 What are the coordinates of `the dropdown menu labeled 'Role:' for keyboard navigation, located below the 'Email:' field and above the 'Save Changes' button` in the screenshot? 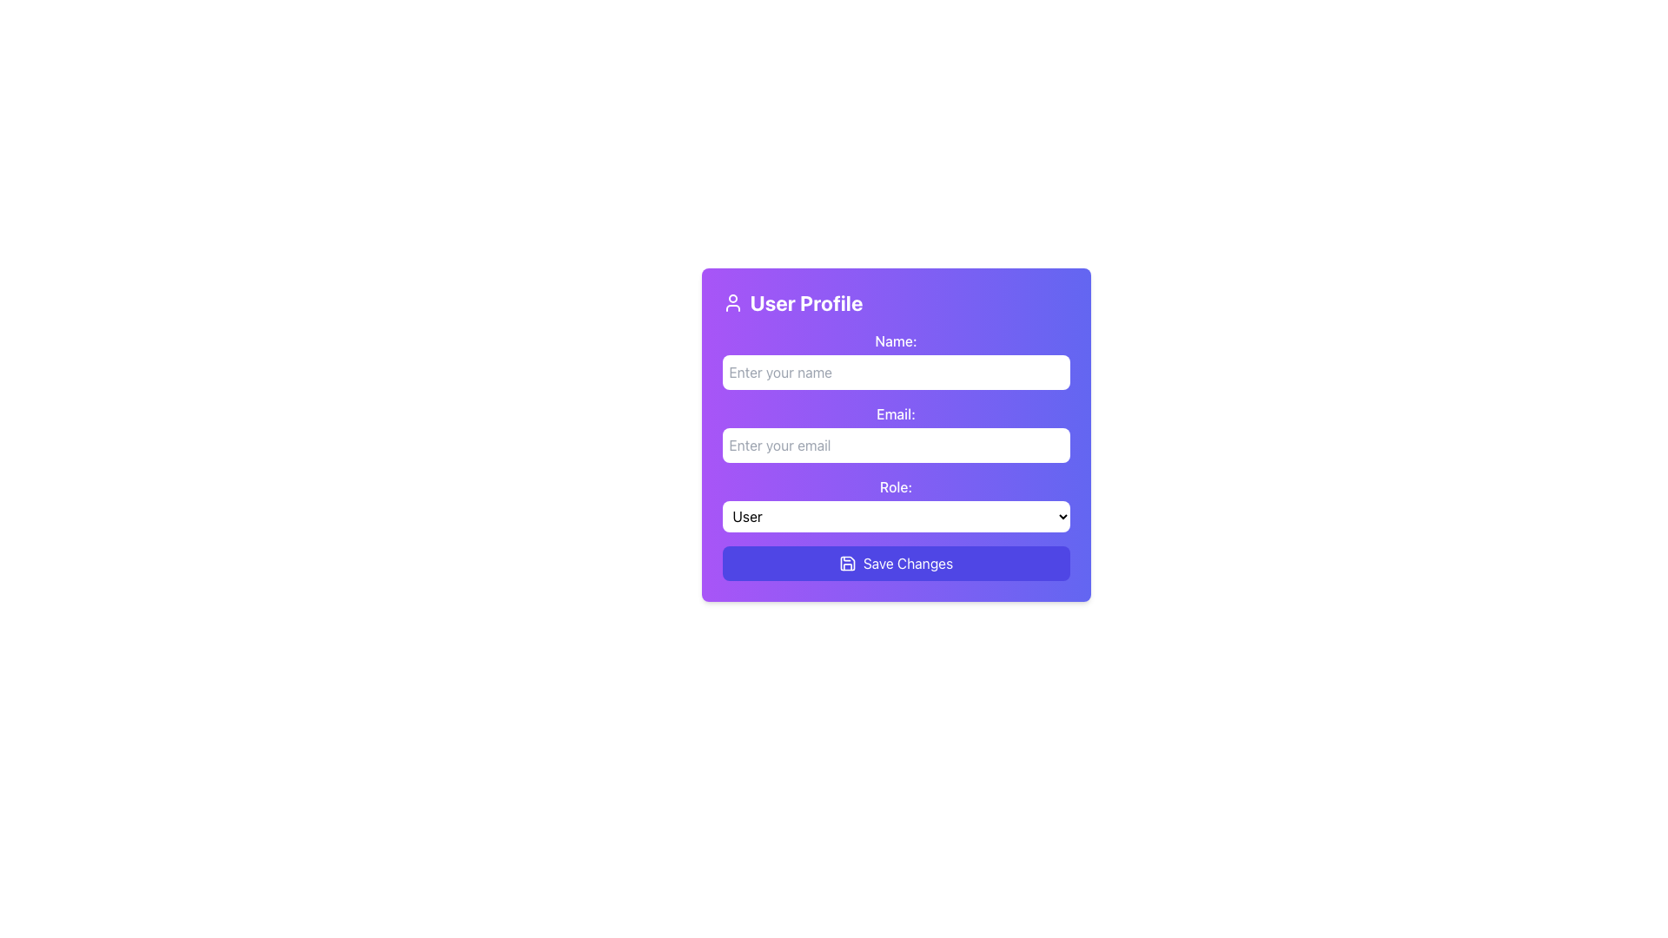 It's located at (896, 515).